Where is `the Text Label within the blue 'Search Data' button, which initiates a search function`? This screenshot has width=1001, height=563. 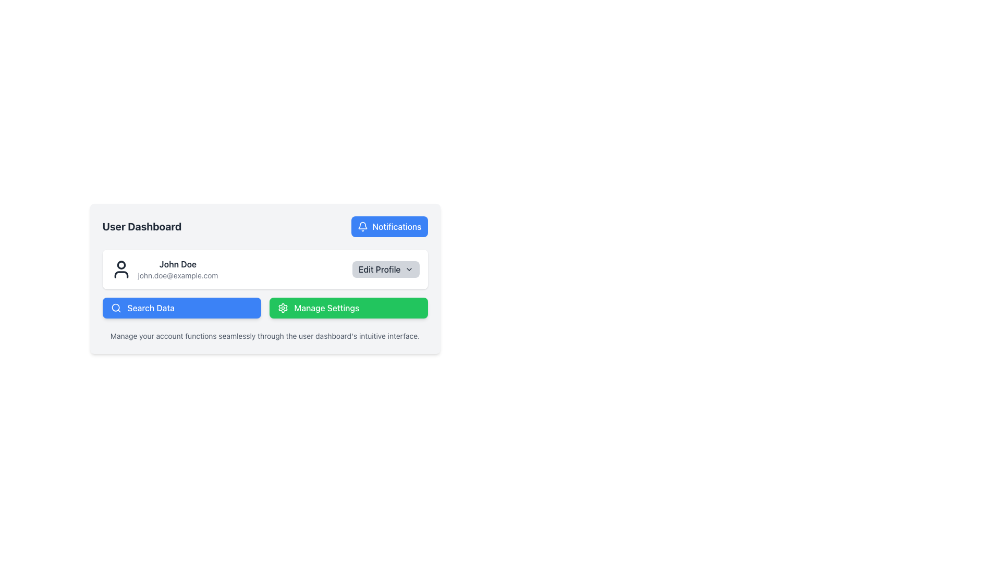
the Text Label within the blue 'Search Data' button, which initiates a search function is located at coordinates (150, 307).